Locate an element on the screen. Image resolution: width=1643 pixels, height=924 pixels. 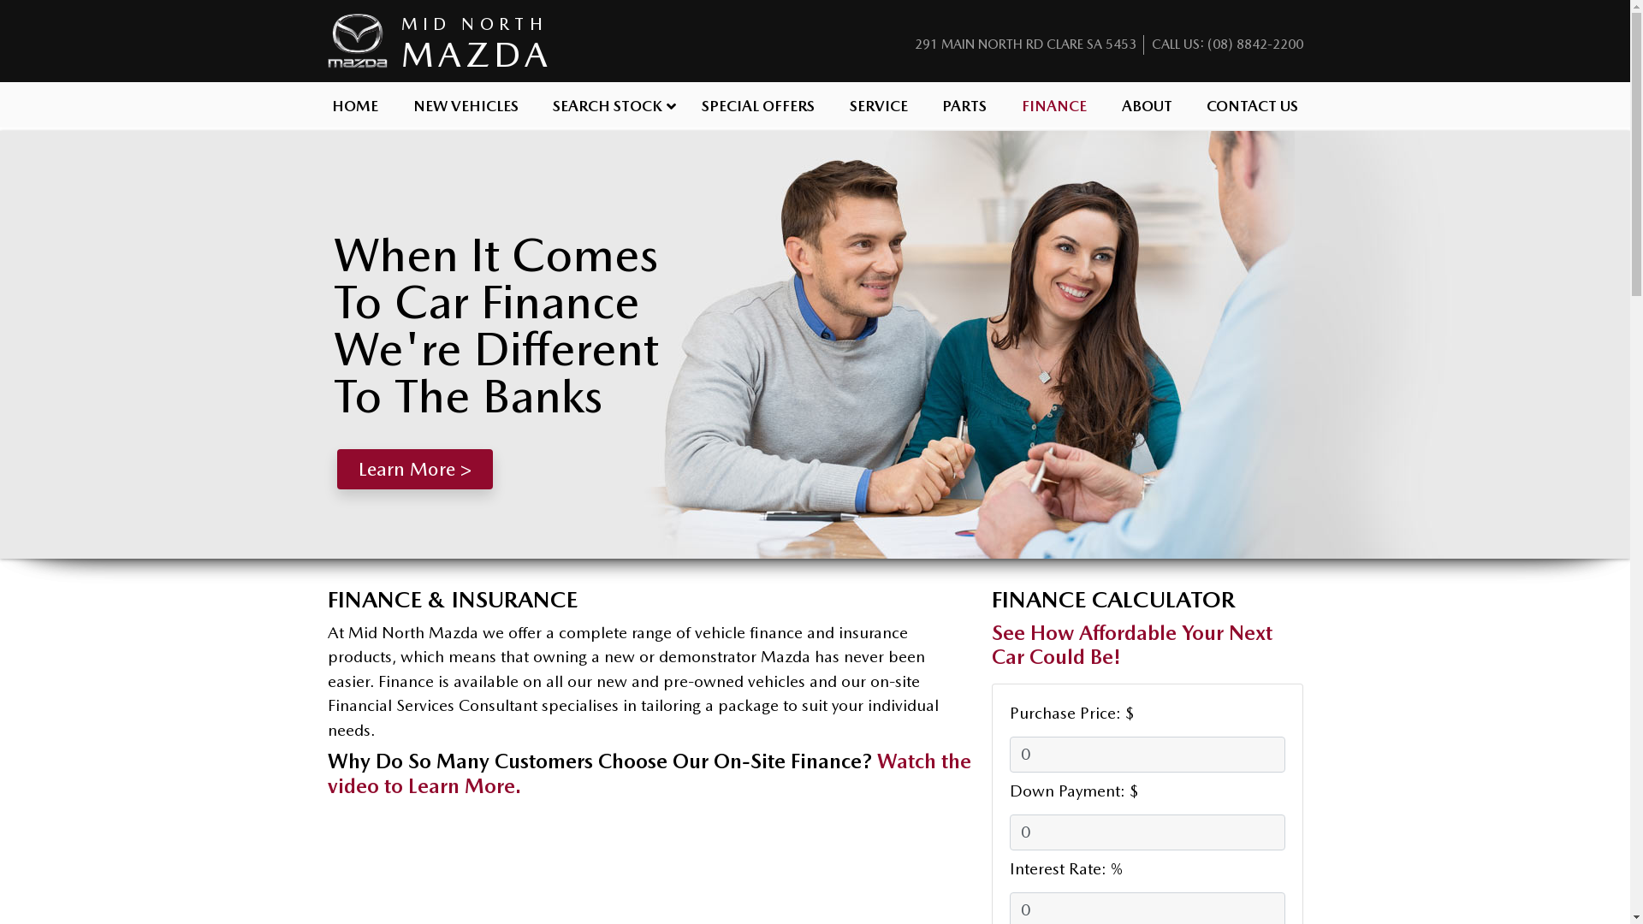
'HOME' is located at coordinates (315, 104).